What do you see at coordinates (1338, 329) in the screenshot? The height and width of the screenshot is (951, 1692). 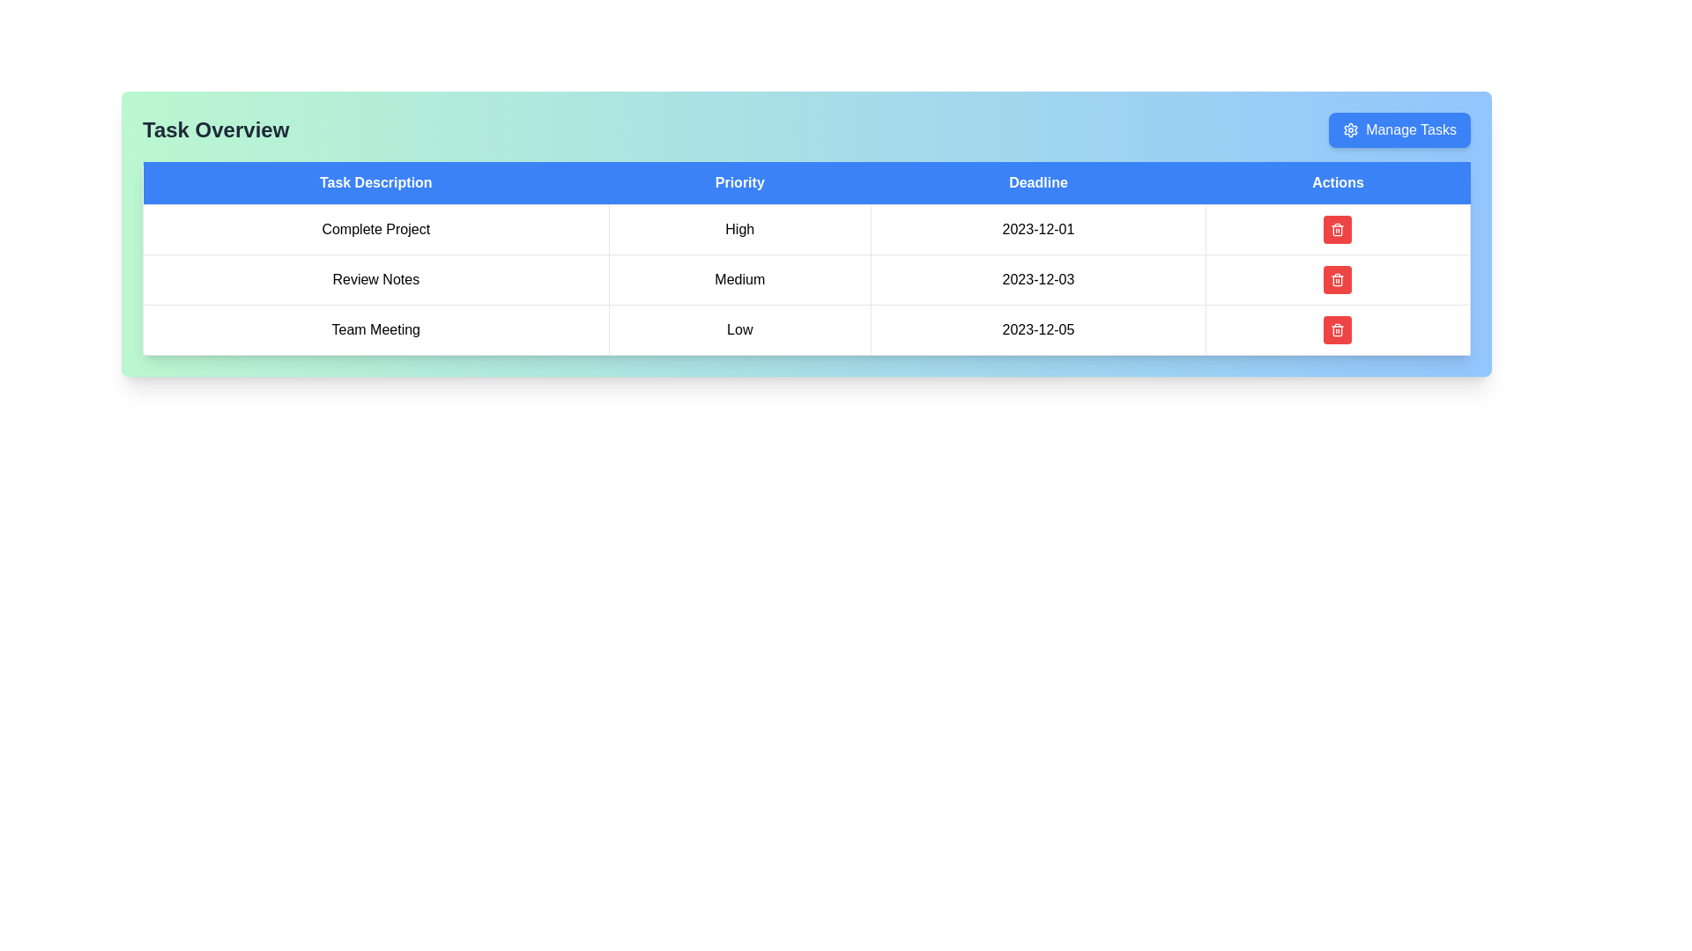 I see `the trash can icon with a white style on a red circular background located in the 'Actions' column of the last task labeled 'Team Meeting'` at bounding box center [1338, 329].